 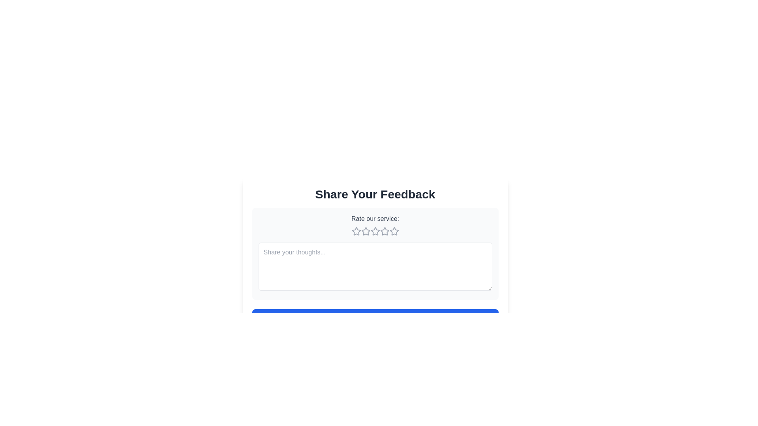 What do you see at coordinates (356, 231) in the screenshot?
I see `the first rating star in the five-star rating system, located in the 'Rate our service' section` at bounding box center [356, 231].